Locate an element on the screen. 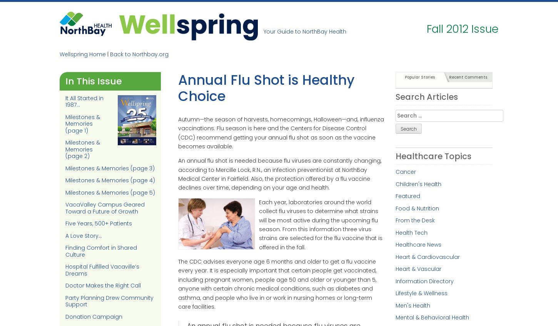 Image resolution: width=558 pixels, height=326 pixels. 'Lifestyle & Wellness' is located at coordinates (421, 292).